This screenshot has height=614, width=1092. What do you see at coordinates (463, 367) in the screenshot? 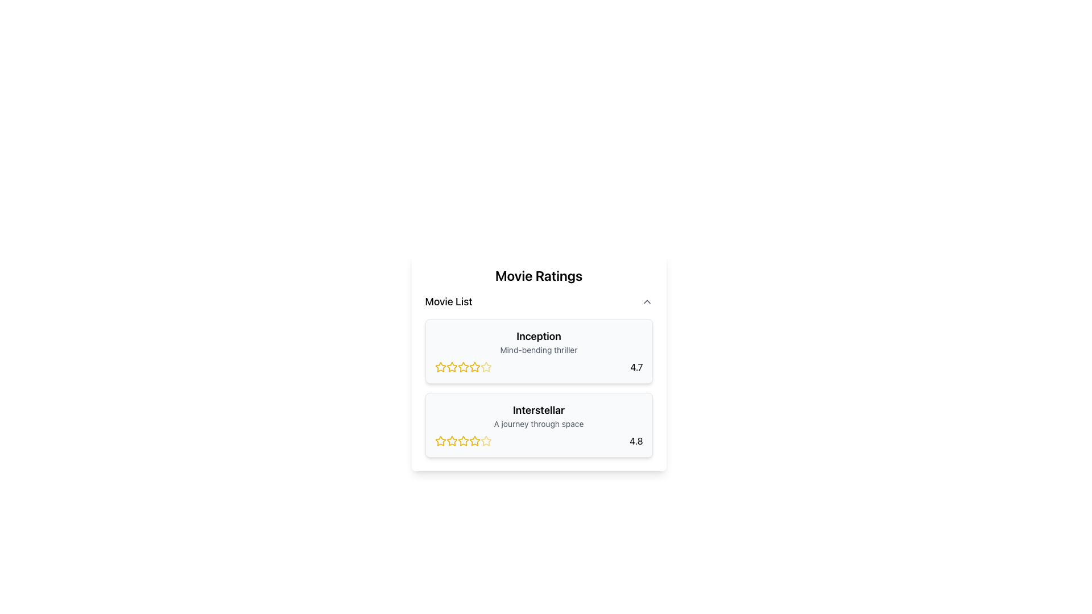
I see `the visual representation of the third yellow star icon in the rating section of the 'Inception' movie card, which indicates an active rating level` at bounding box center [463, 367].